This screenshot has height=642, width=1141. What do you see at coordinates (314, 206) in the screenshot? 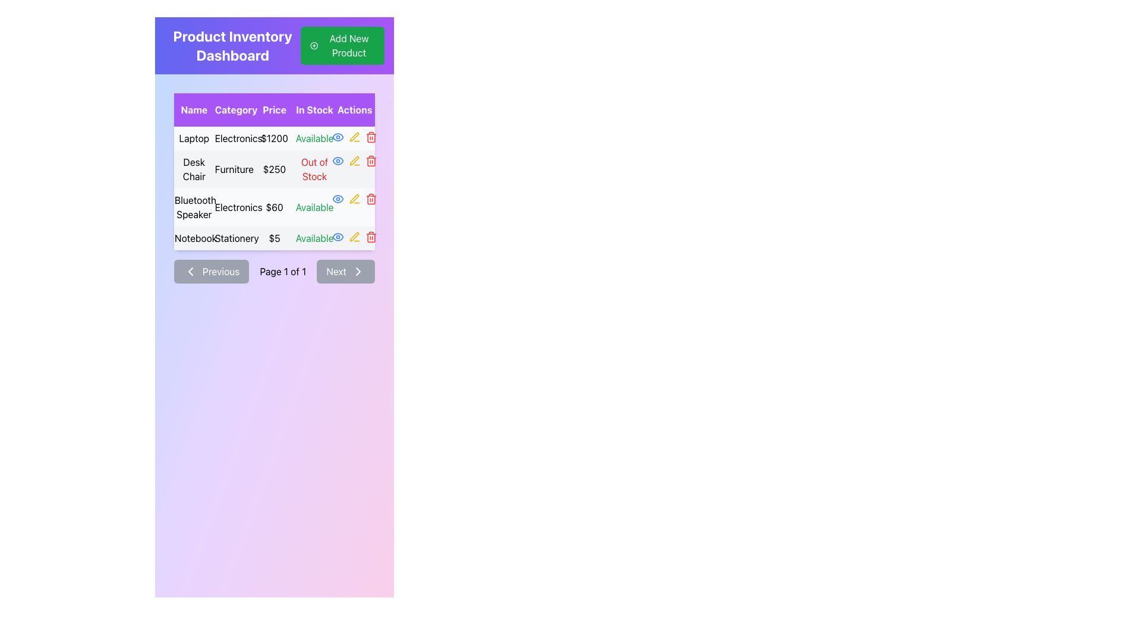
I see `the 'In Stock' text label indicating the availability status of the 'Bluetooth Speaker' in the third row of the table` at bounding box center [314, 206].